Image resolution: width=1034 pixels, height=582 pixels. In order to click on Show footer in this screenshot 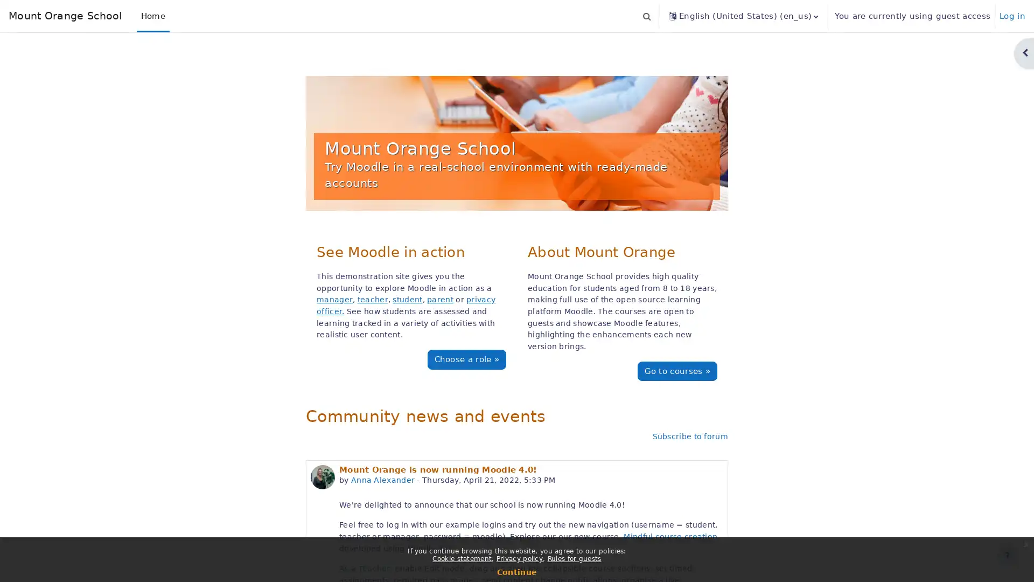, I will do `click(1007, 555)`.